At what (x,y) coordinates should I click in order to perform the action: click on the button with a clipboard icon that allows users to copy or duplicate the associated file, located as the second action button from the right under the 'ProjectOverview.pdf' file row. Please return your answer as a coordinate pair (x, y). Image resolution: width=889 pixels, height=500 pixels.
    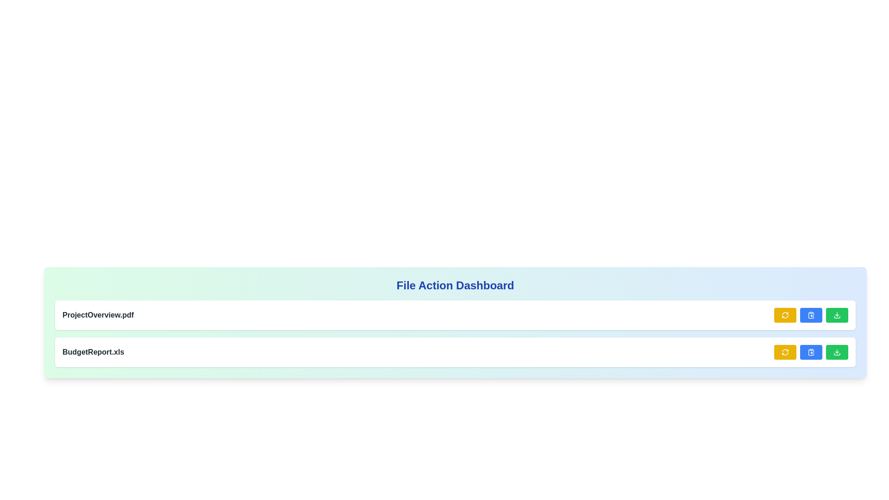
    Looking at the image, I should click on (811, 315).